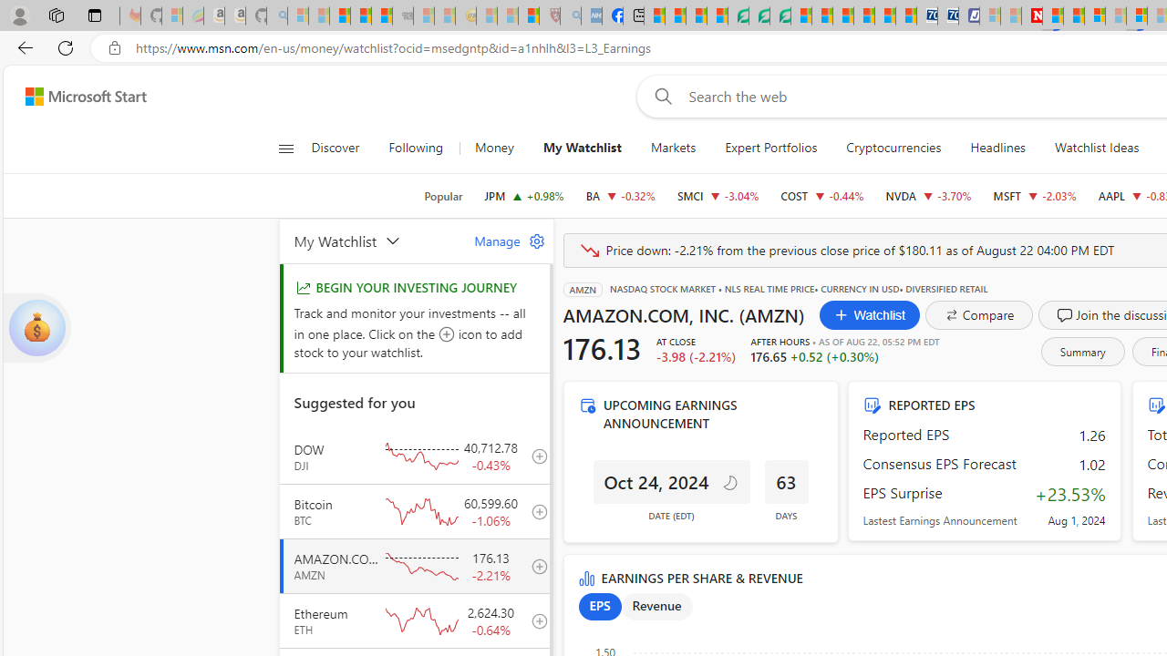  Describe the element at coordinates (487, 15) in the screenshot. I see `'Recipes - MSN - Sleeping'` at that location.